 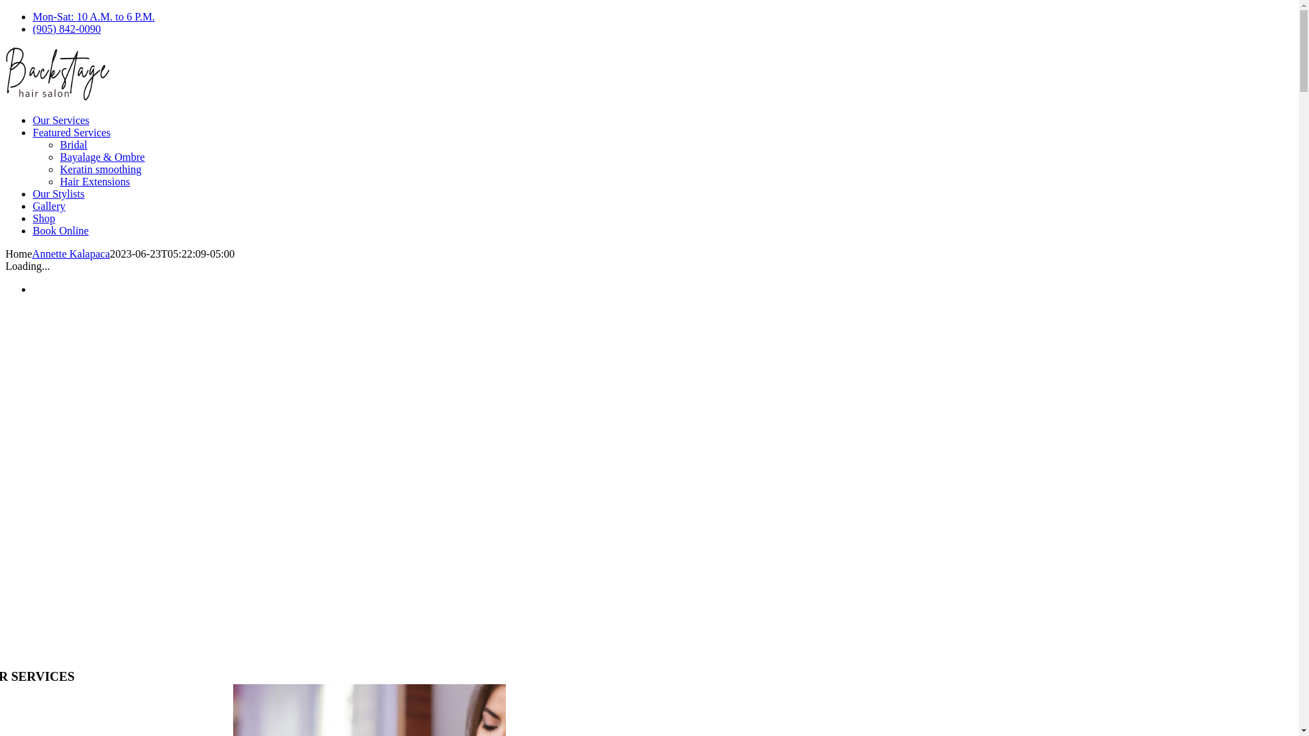 I want to click on 'Annette Kalapaca', so click(x=70, y=254).